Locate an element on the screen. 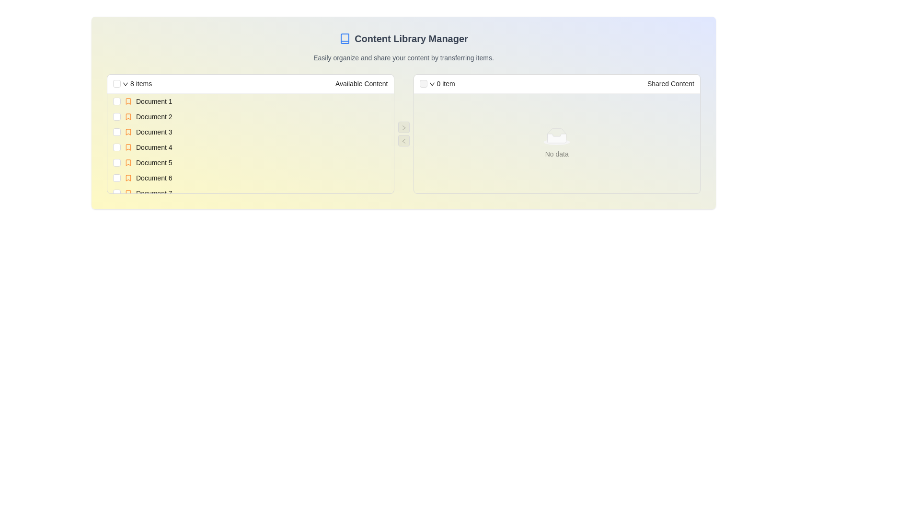  the bookmark icon associated with 'Document 2' in the 'Available Content' section, which is the second icon in the vertical list of items is located at coordinates (128, 116).